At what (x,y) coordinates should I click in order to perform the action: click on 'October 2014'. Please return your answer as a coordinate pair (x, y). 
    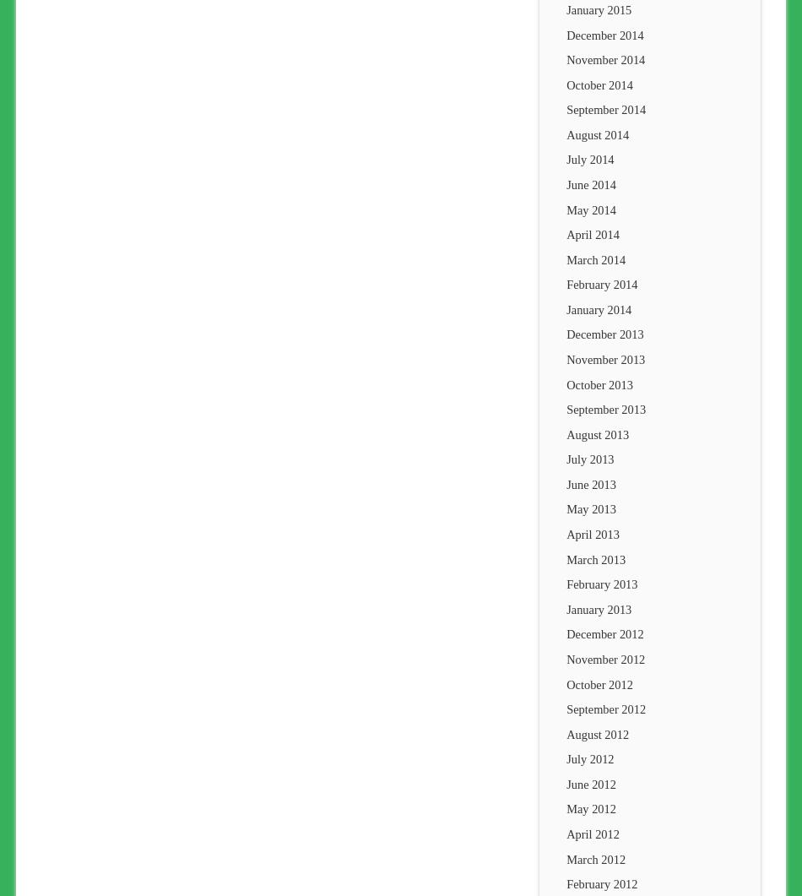
    Looking at the image, I should click on (599, 84).